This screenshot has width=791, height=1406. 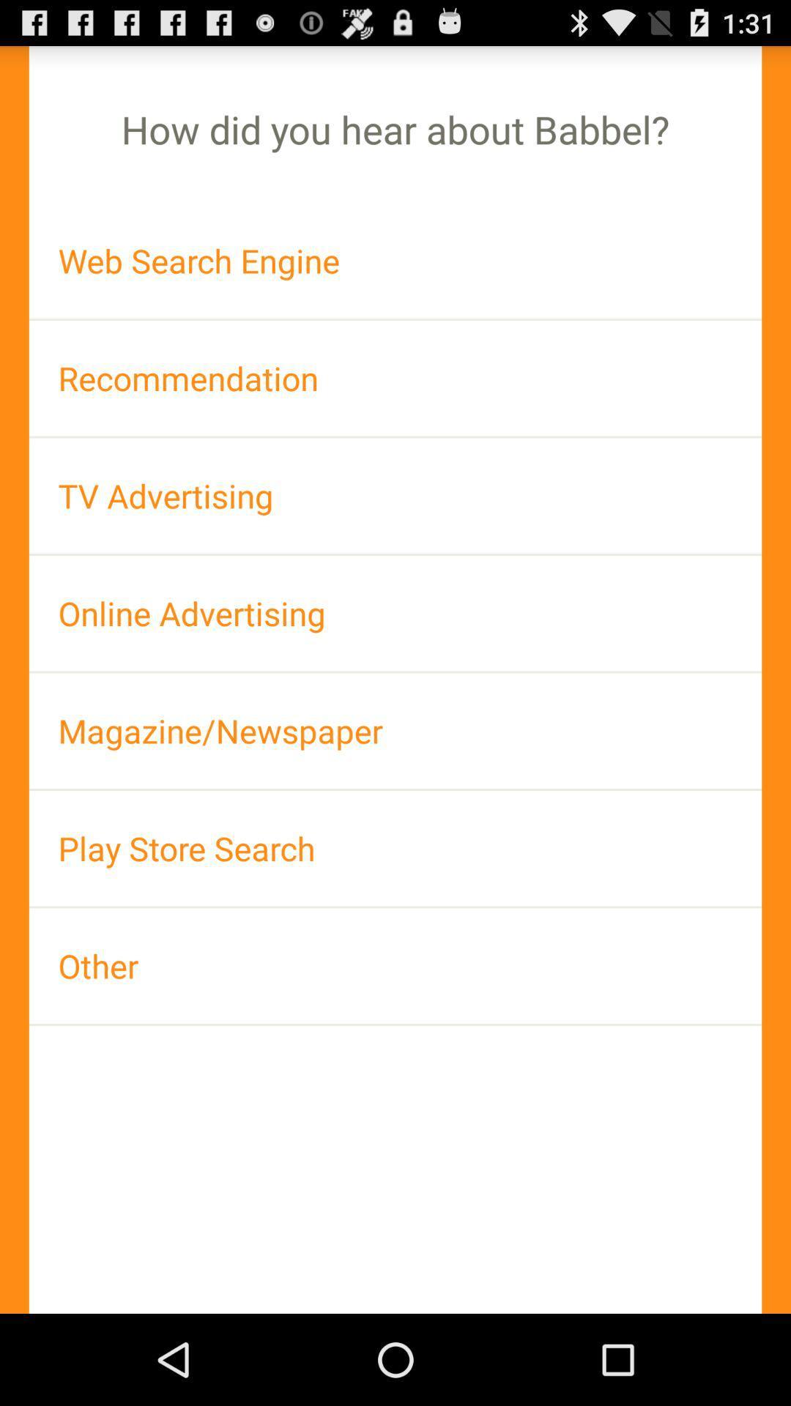 I want to click on the play store search icon, so click(x=395, y=848).